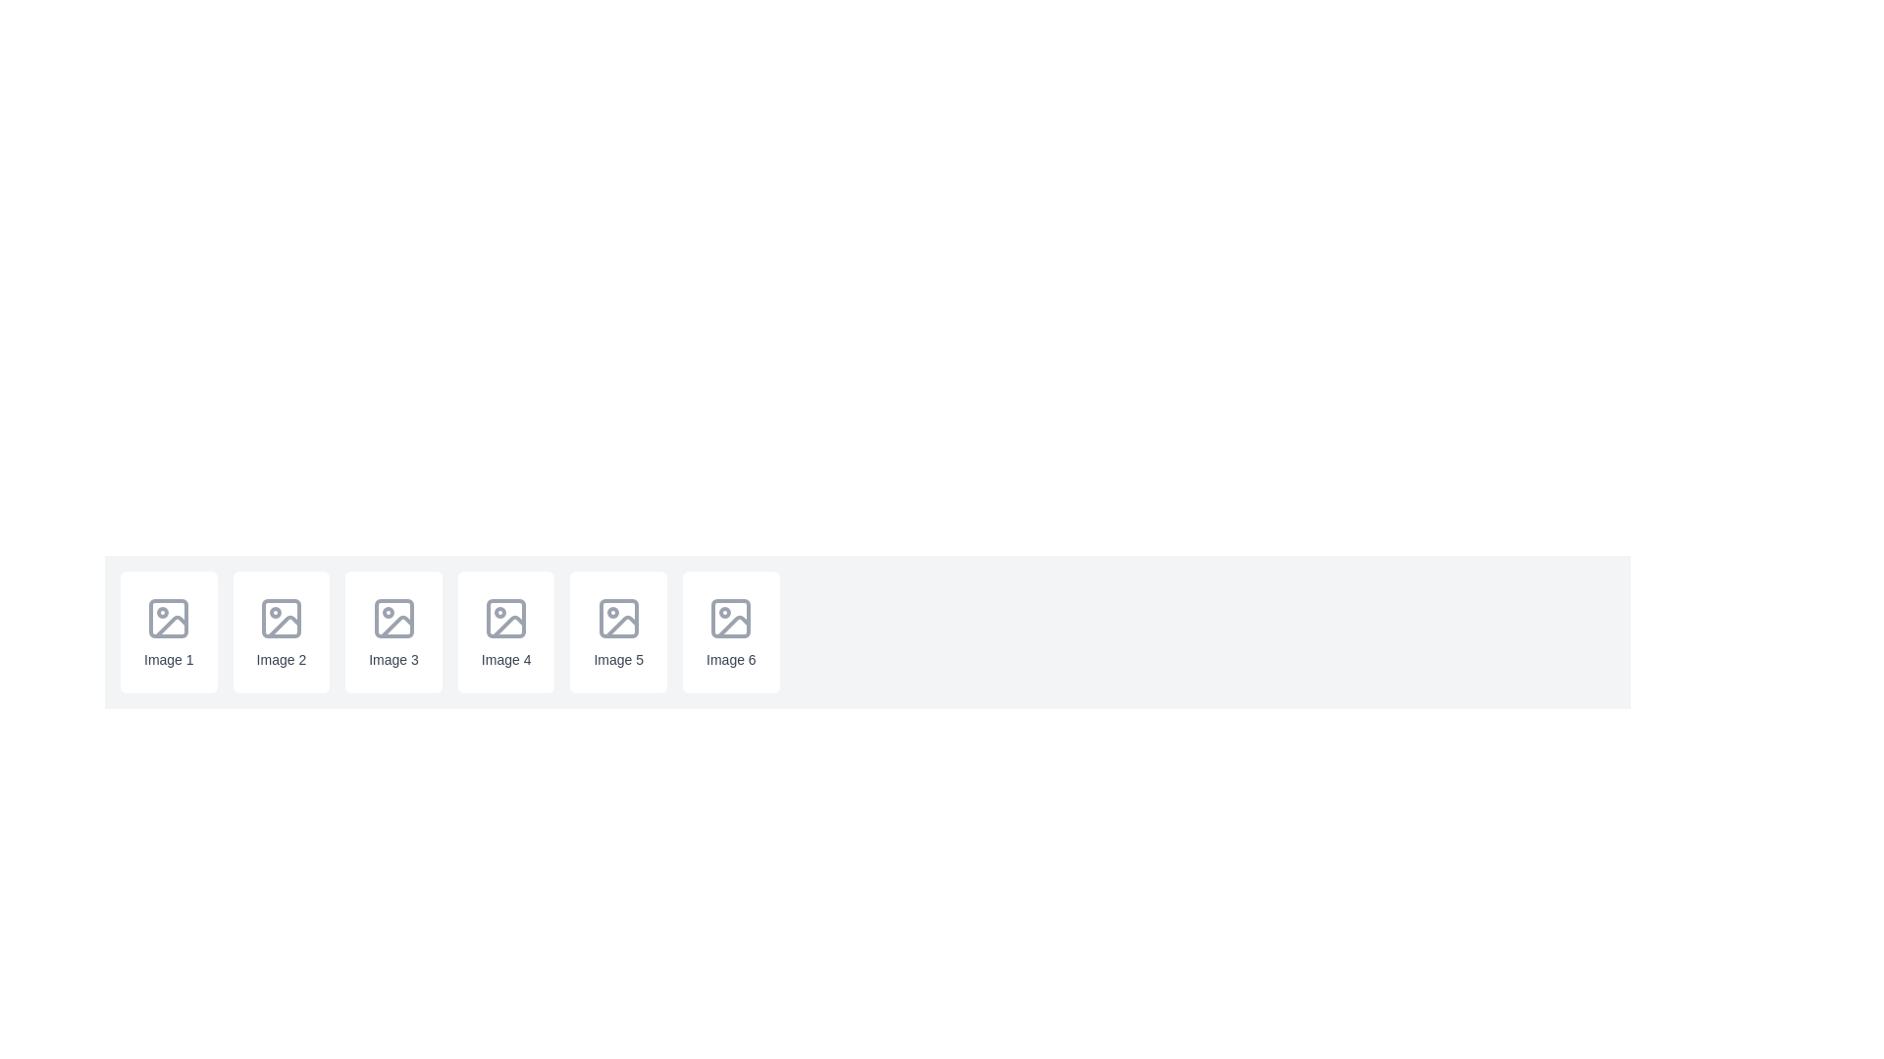 The image size is (1884, 1059). Describe the element at coordinates (506, 659) in the screenshot. I see `text content of the Text label positioned below the 'Image 4' icon, which serves as a descriptive identifier for the user` at that location.